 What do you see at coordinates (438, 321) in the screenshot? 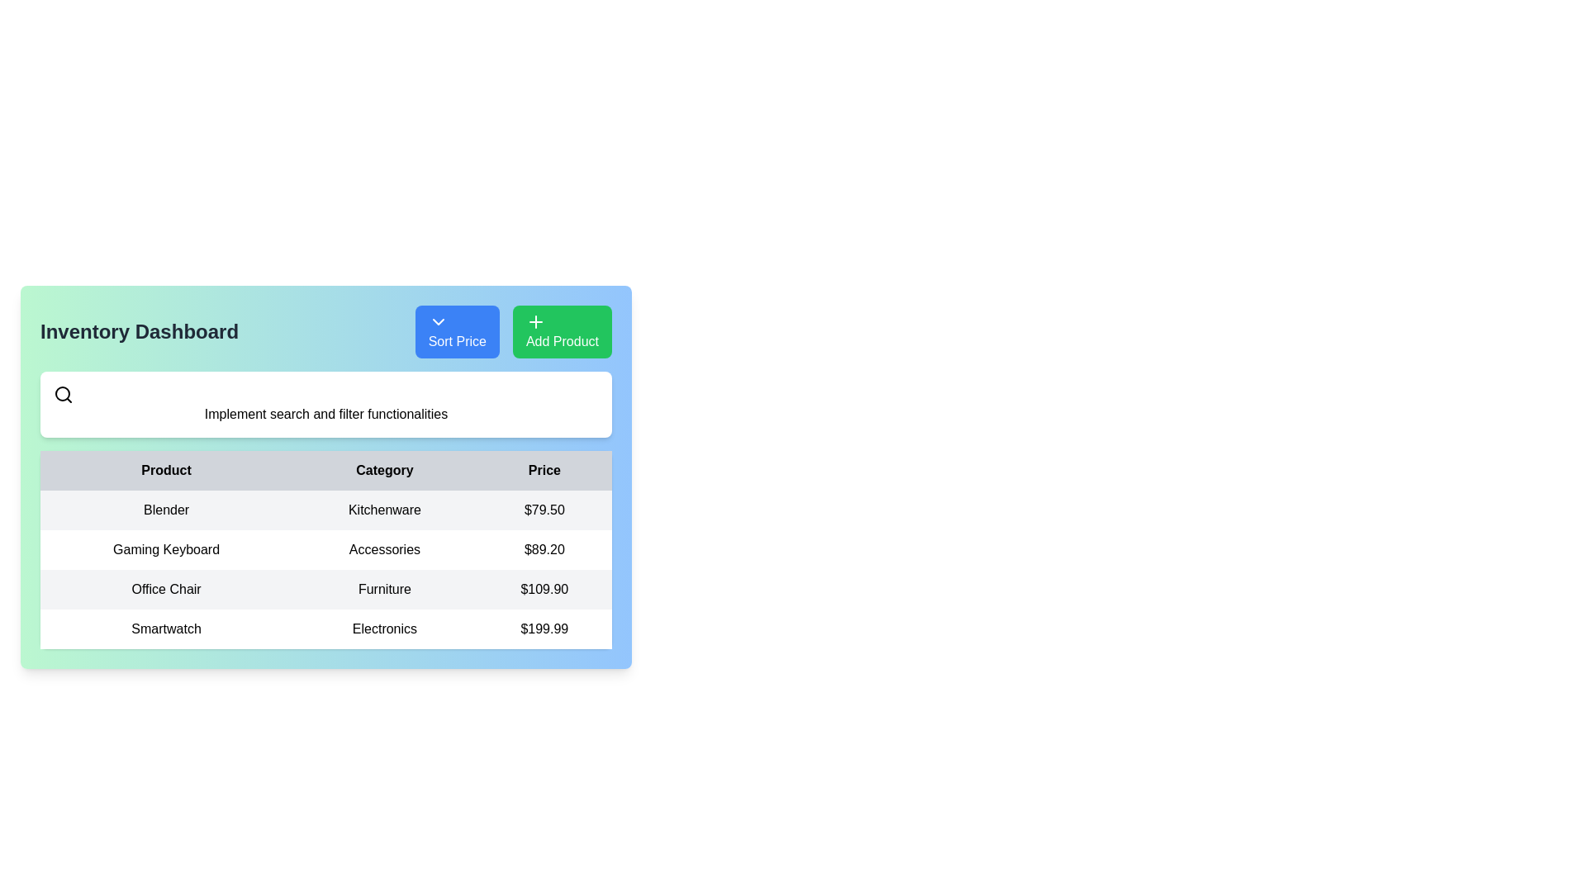
I see `the downward-pointing chevron icon within the 'Sort Price' button` at bounding box center [438, 321].